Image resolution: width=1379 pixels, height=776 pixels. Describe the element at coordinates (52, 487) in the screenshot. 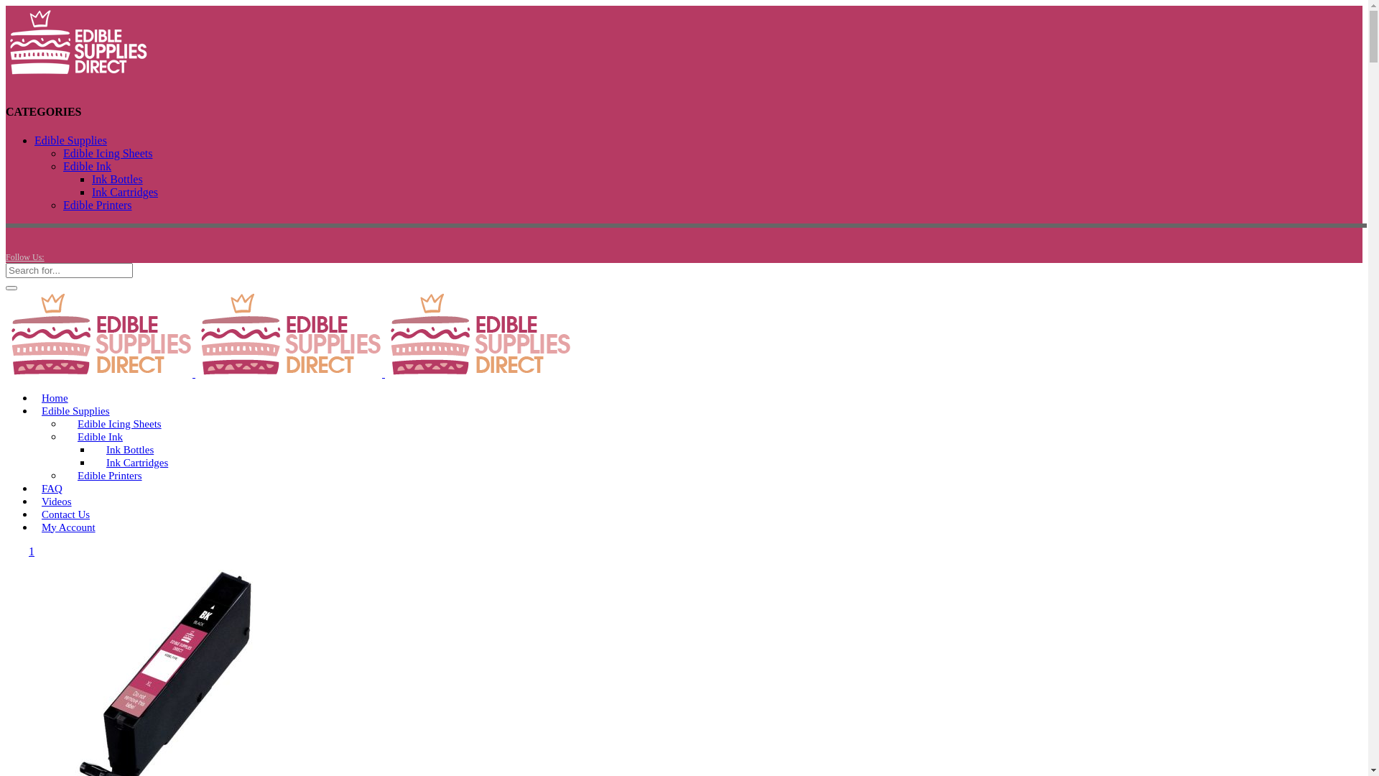

I see `'FAQ'` at that location.